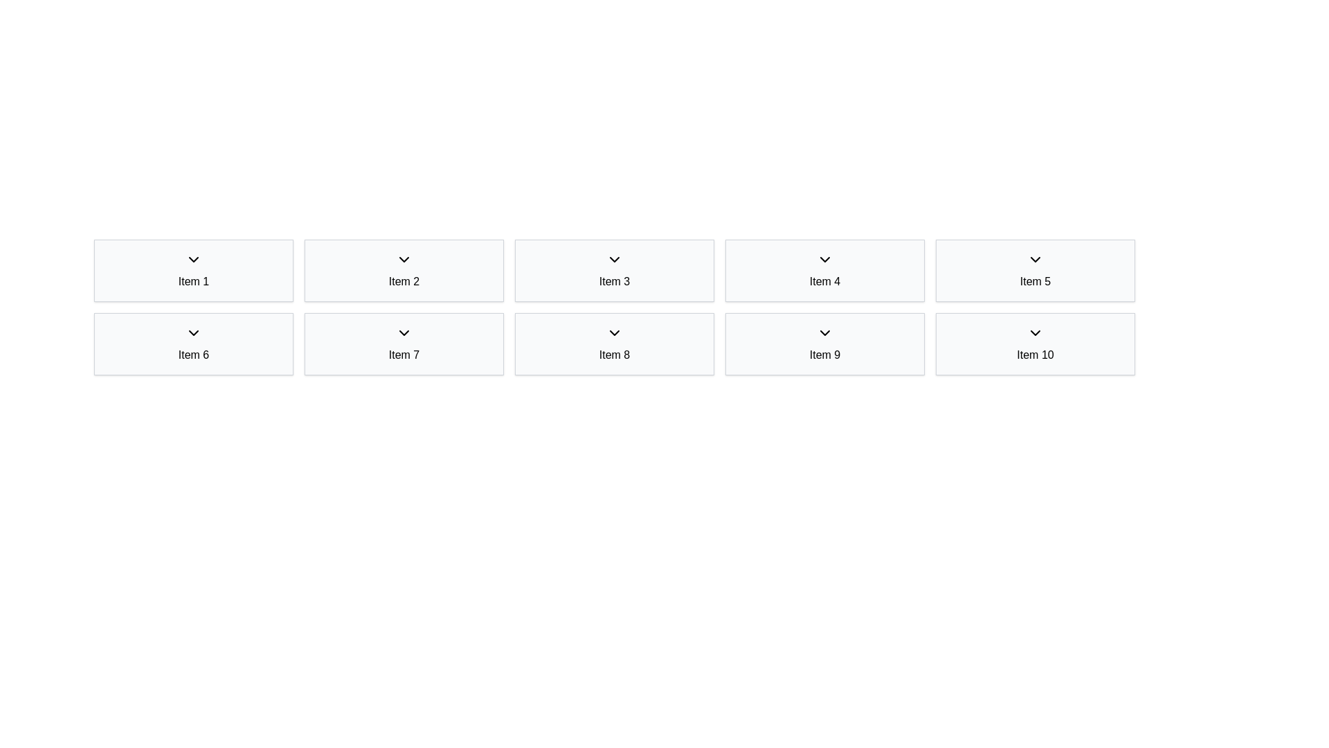 Image resolution: width=1329 pixels, height=748 pixels. What do you see at coordinates (404, 259) in the screenshot?
I see `the Chevron Down indicator icon located at the top-center of the card displaying 'Item 2'` at bounding box center [404, 259].